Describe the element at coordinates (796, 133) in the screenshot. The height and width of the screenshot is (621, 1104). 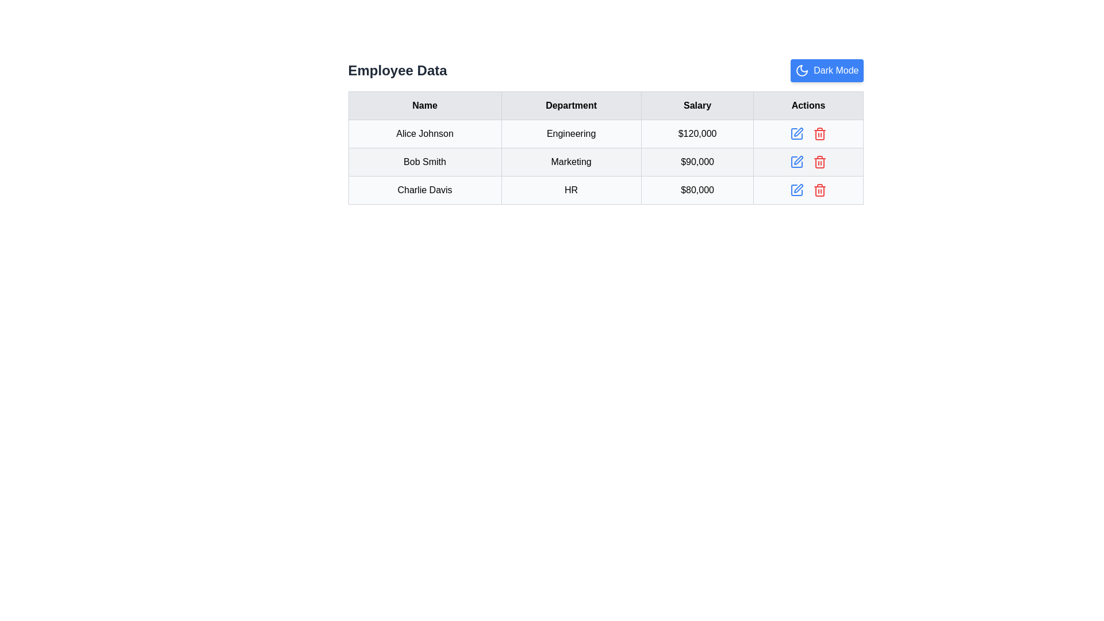
I see `the icon representing an interactive action for editing or modifying, located in the 'Actions' column of the first row next to 'Alice Johnson'` at that location.